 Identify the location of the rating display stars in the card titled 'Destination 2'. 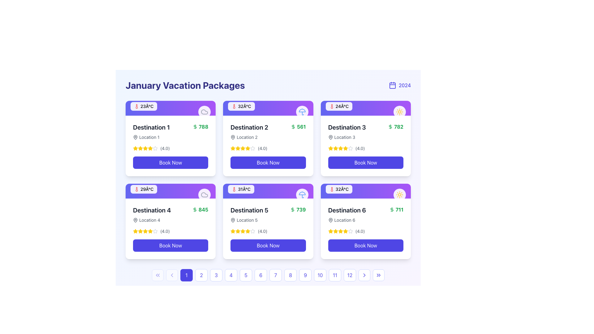
(268, 148).